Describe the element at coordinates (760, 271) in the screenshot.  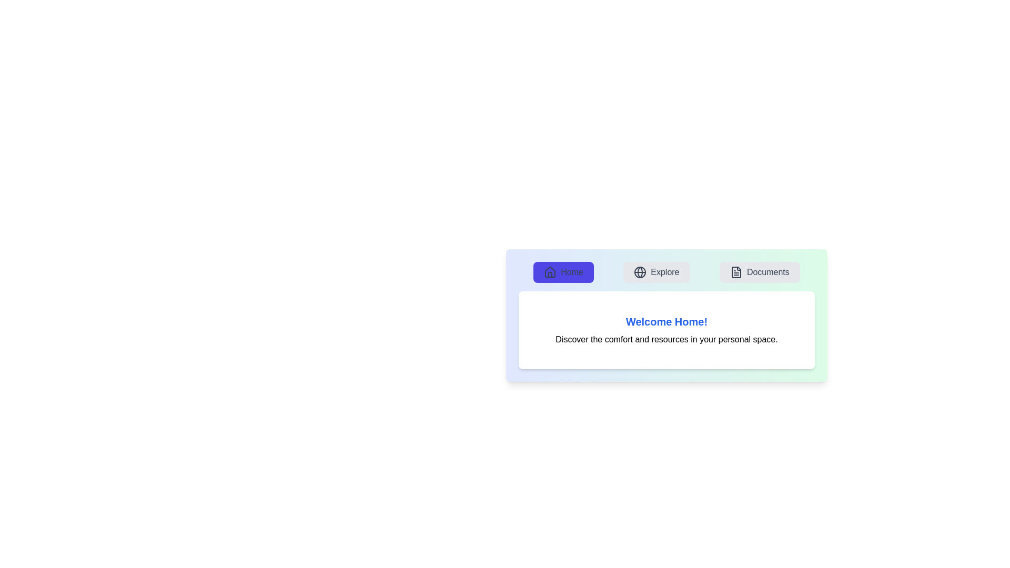
I see `the Documents tab by clicking the respective button` at that location.